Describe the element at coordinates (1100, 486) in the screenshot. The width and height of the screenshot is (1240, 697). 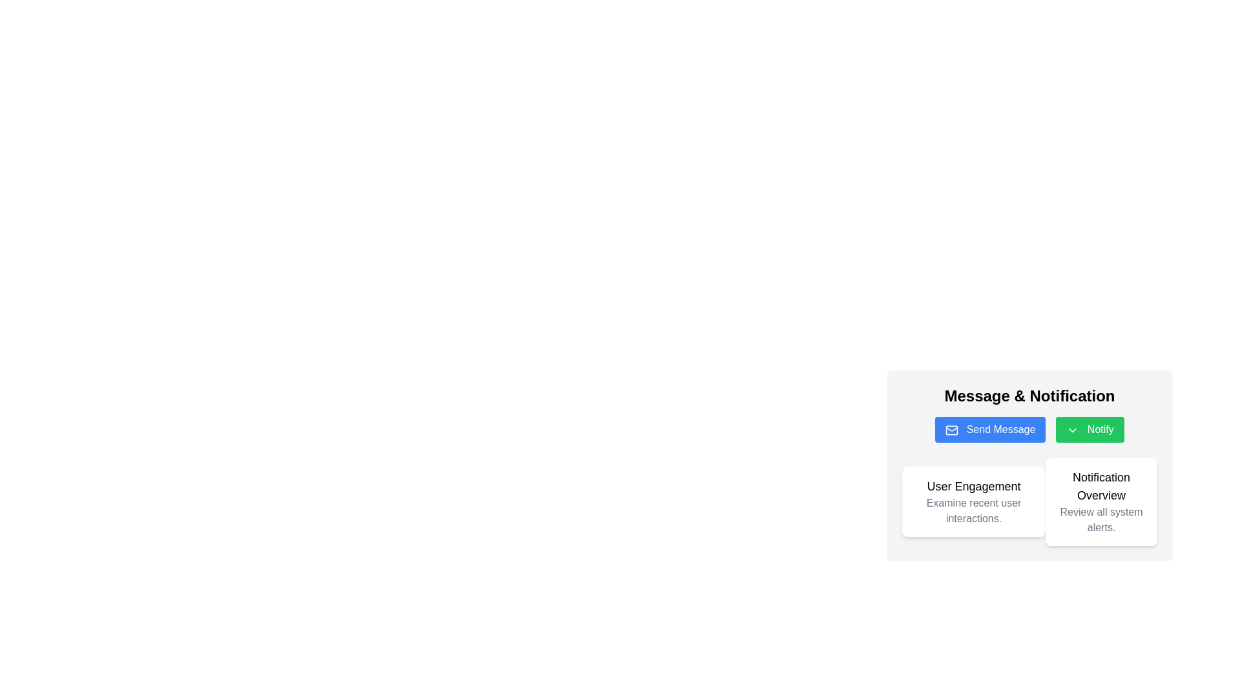
I see `the 'Notification Overview' heading text` at that location.